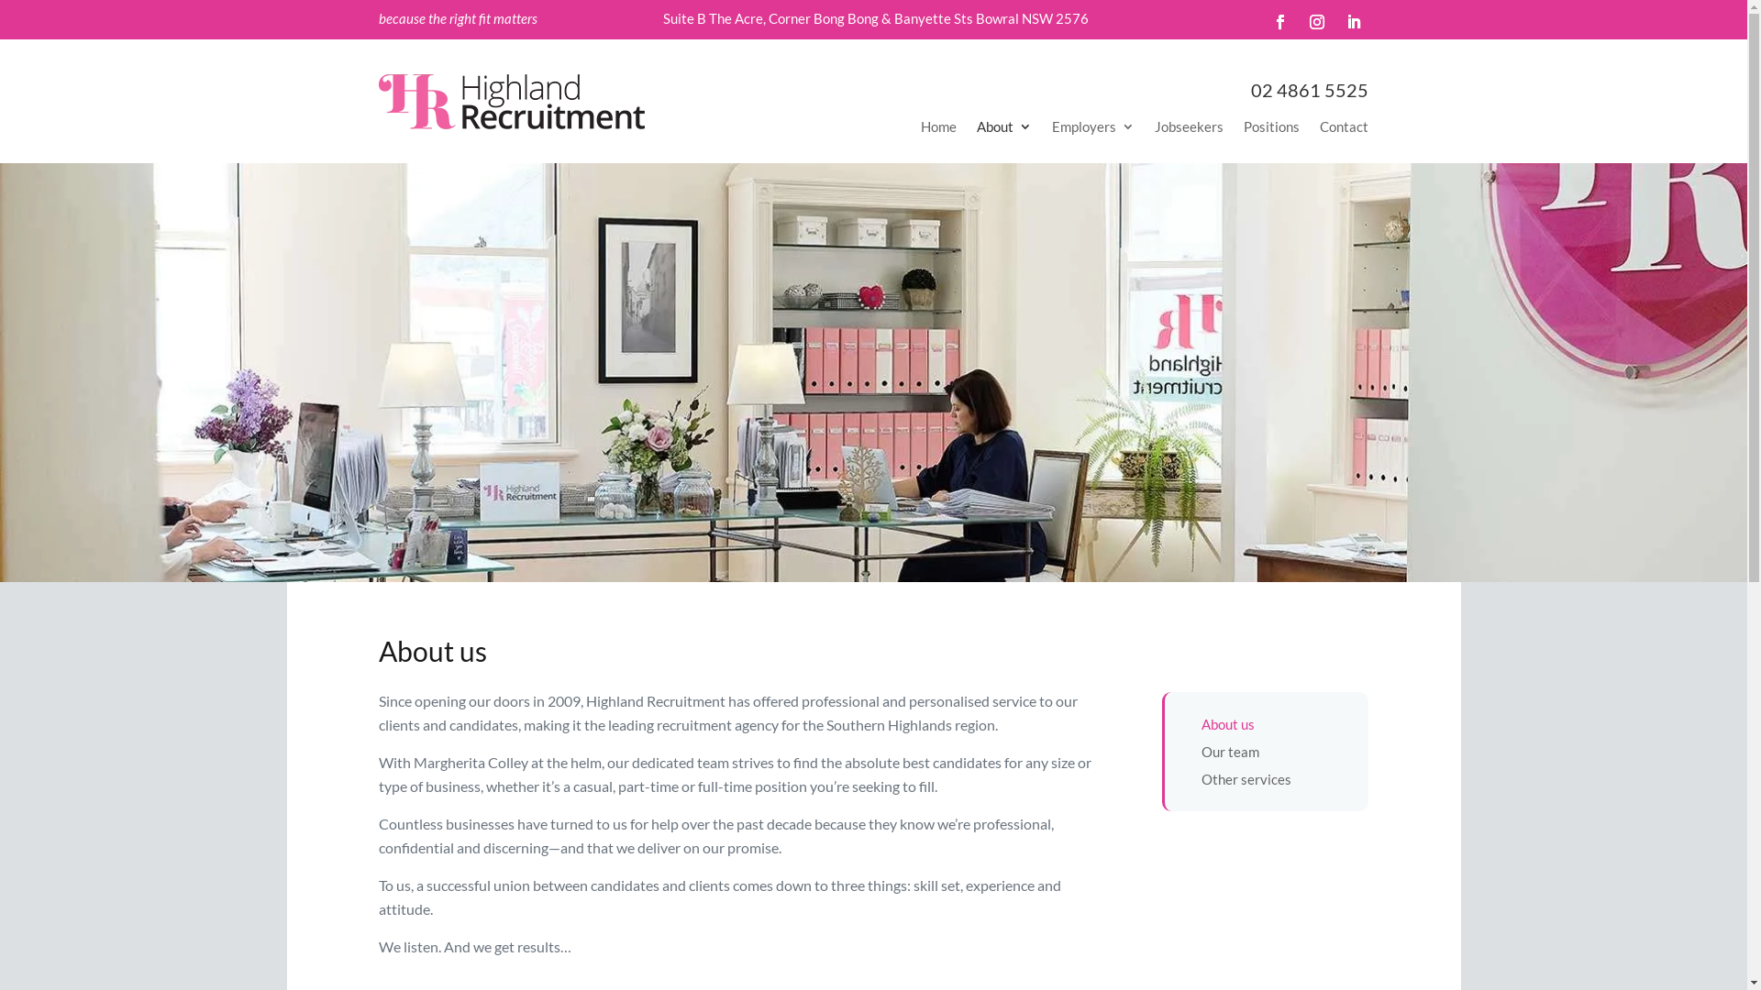 The width and height of the screenshot is (1761, 990). I want to click on 'Jobseekers', so click(1189, 129).